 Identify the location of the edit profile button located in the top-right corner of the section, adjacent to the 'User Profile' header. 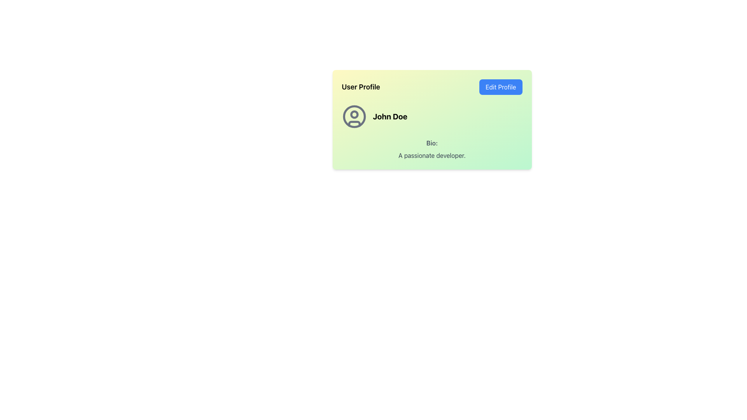
(501, 87).